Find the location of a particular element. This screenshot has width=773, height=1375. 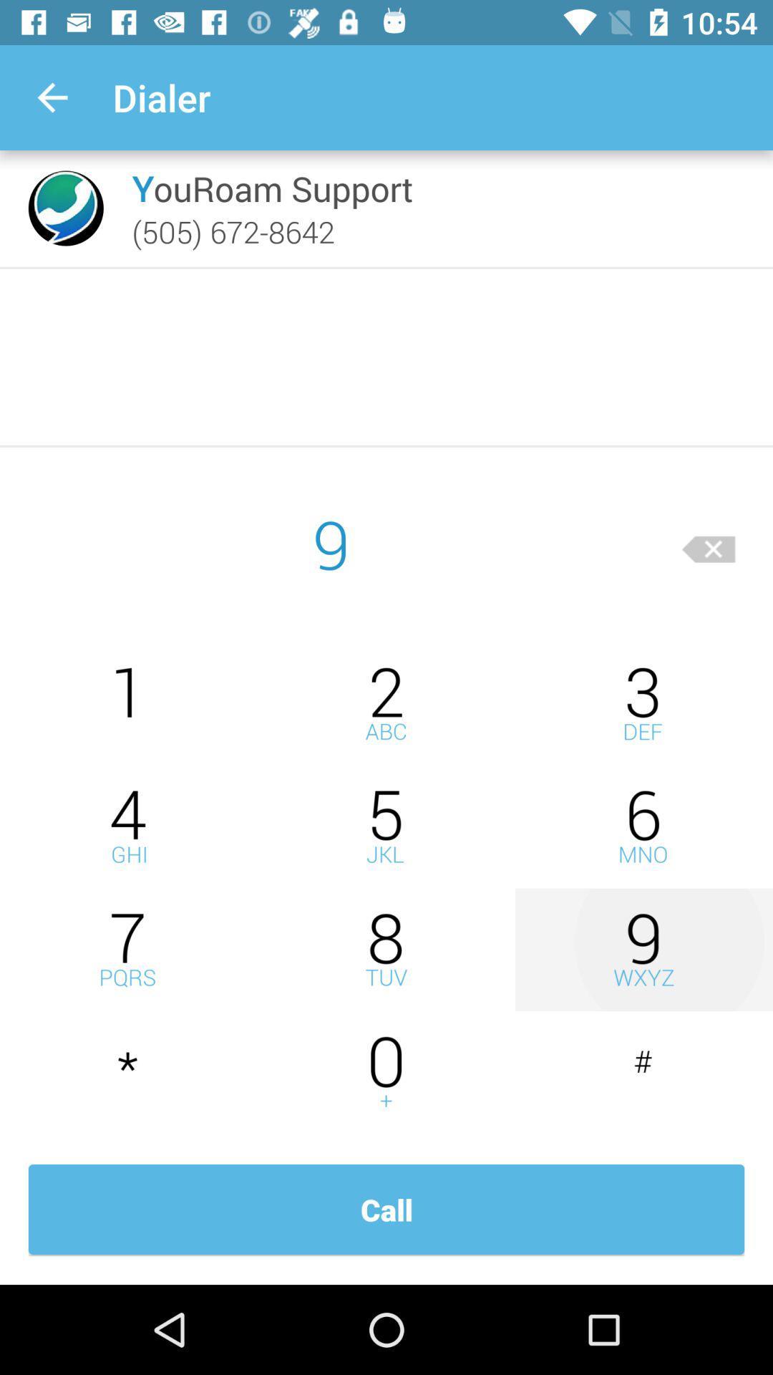

icon next to the youroam support item is located at coordinates (66, 208).